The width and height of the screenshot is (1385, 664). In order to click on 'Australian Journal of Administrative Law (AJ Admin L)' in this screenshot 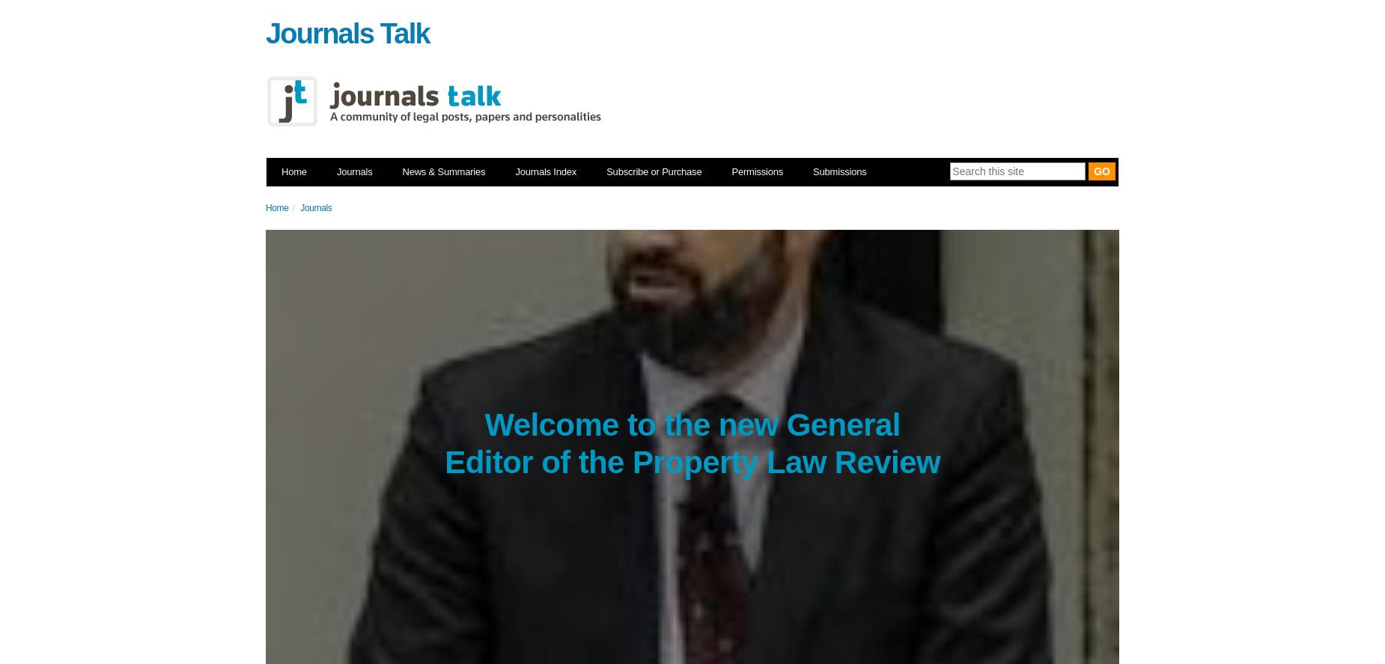, I will do `click(548, 320)`.